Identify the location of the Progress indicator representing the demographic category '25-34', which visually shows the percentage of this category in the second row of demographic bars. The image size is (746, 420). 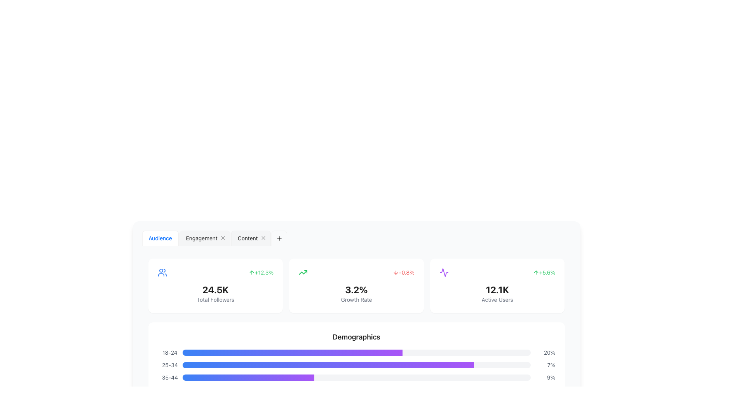
(328, 365).